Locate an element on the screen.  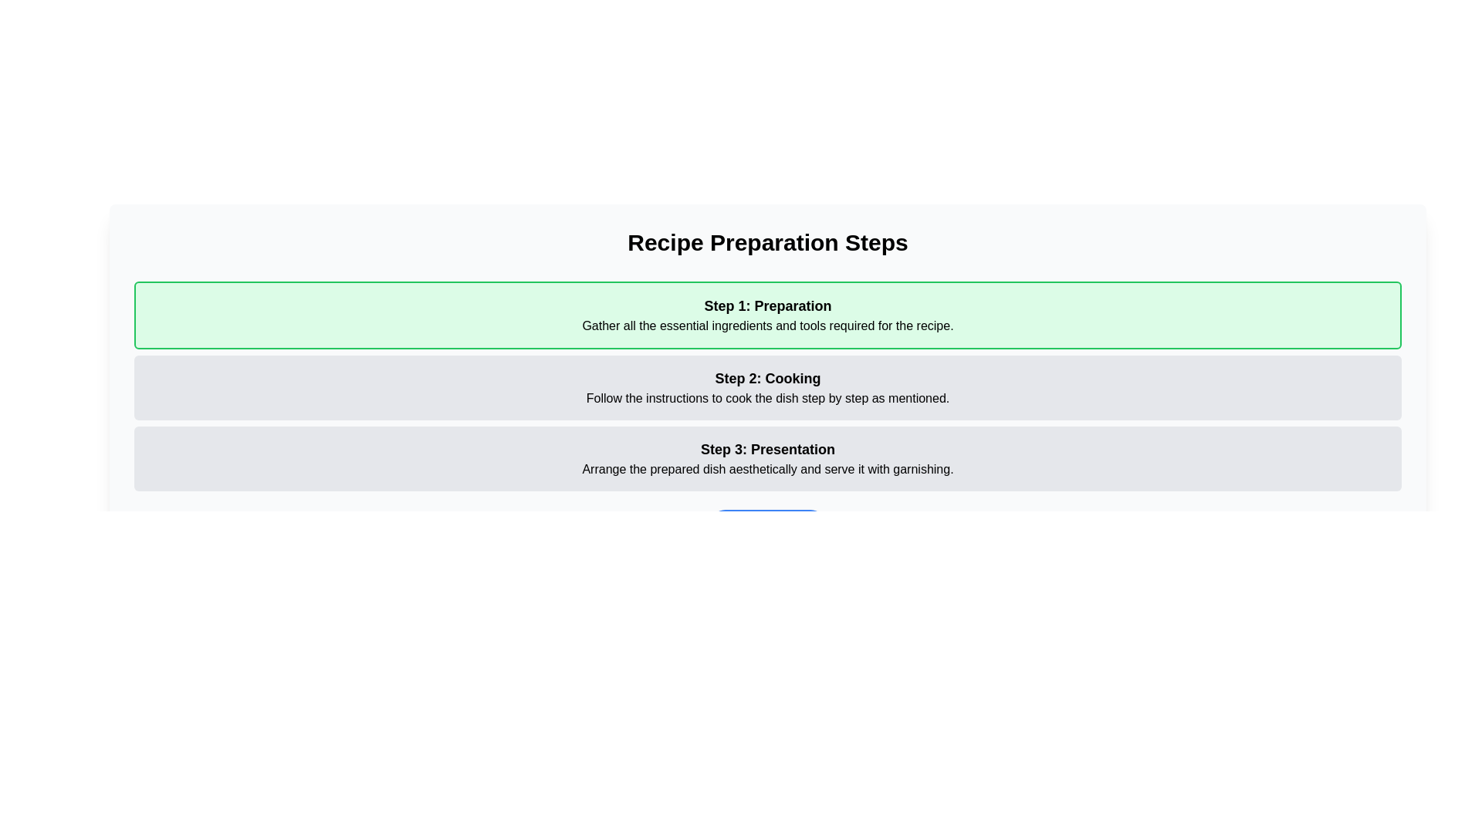
the navigation button located at the bottom of the 'Recipe Preparation Steps' panel to proceed to the next step is located at coordinates (767, 524).